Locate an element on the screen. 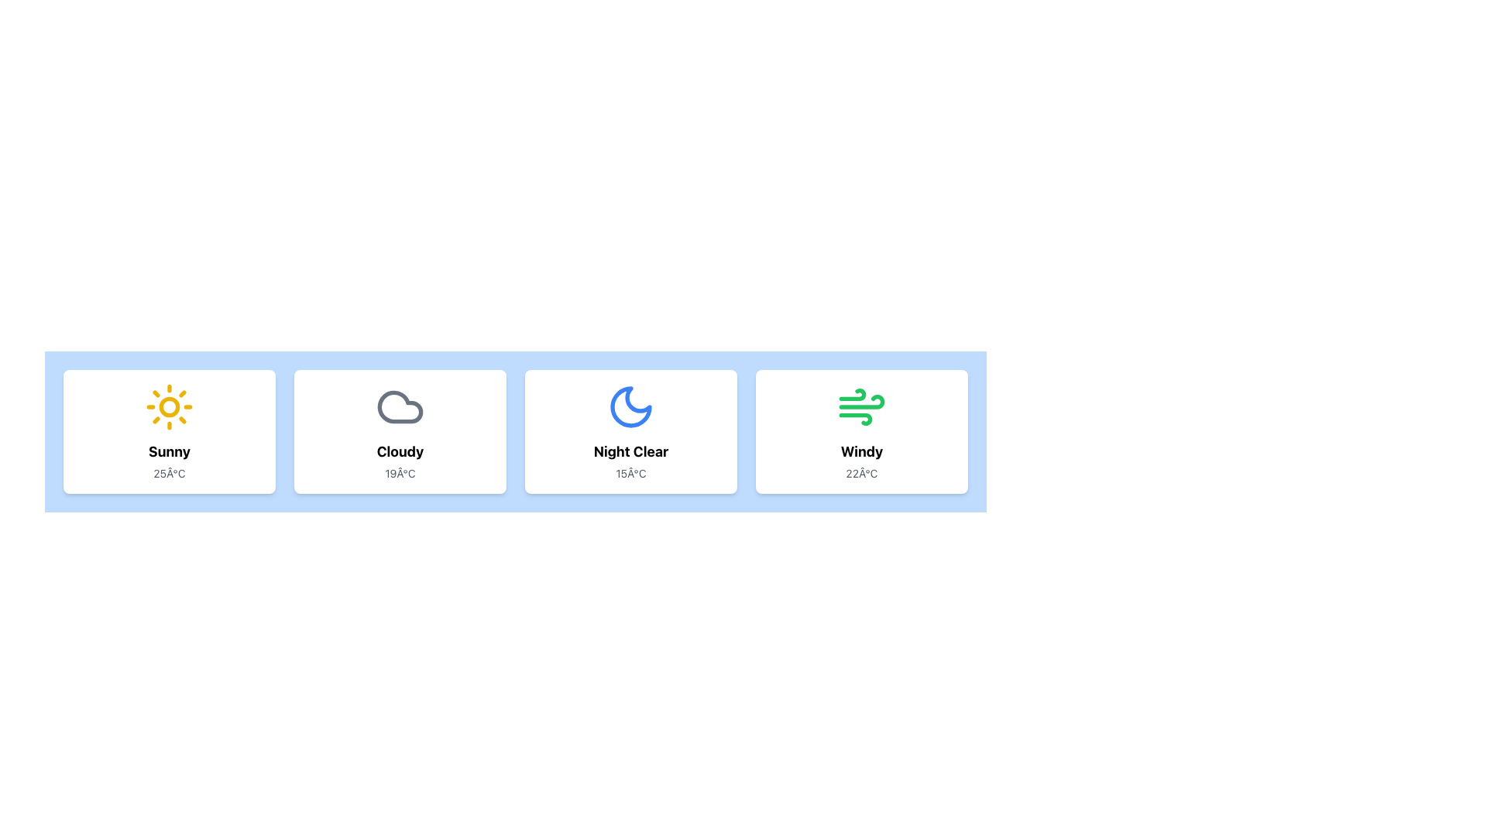 The width and height of the screenshot is (1487, 836). the green icon with dynamic lines resembling wind motion, located in the fourth item of a horizontally aligned card grid, above the label 'Windy.' is located at coordinates (861, 406).